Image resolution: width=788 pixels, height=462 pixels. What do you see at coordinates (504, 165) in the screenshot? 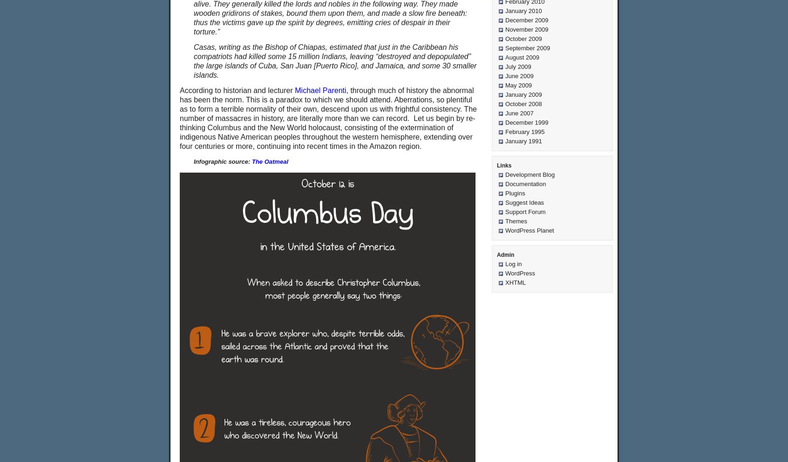
I see `'Links'` at bounding box center [504, 165].